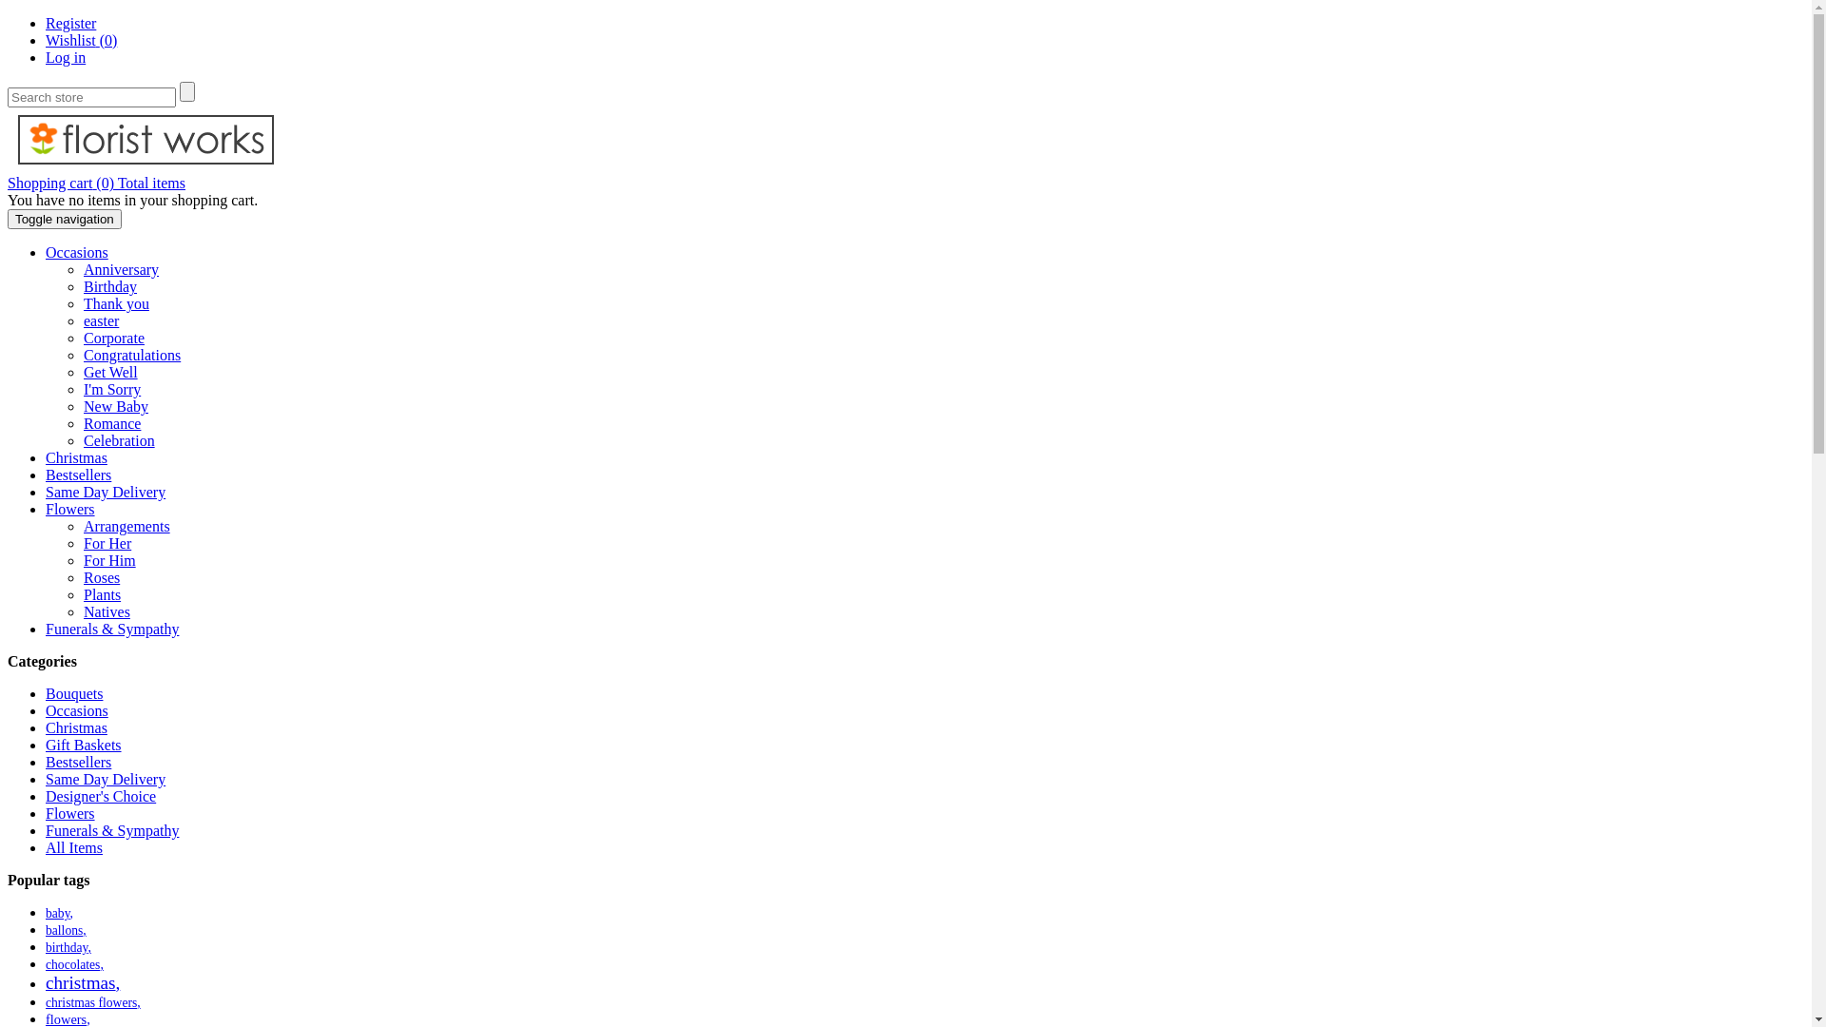 This screenshot has height=1027, width=1826. What do you see at coordinates (126, 526) in the screenshot?
I see `'Arrangements'` at bounding box center [126, 526].